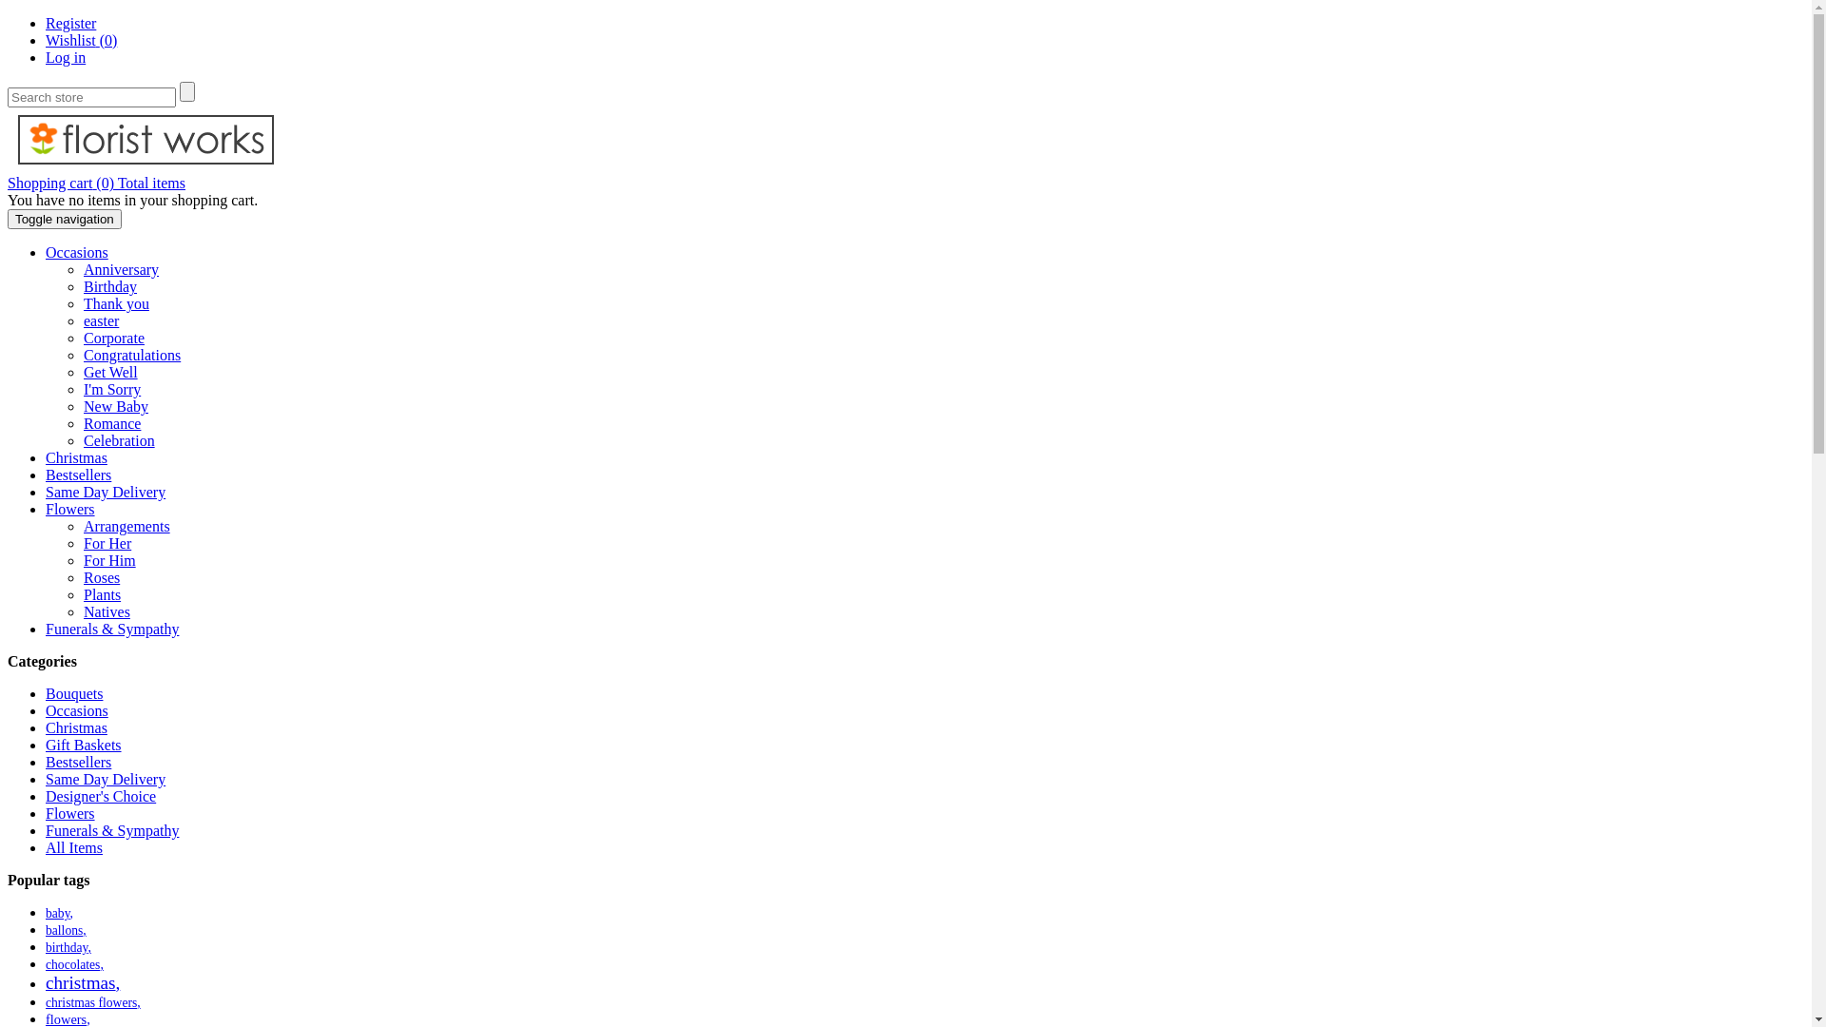 This screenshot has height=1027, width=1826. What do you see at coordinates (126, 526) in the screenshot?
I see `'Arrangements'` at bounding box center [126, 526].